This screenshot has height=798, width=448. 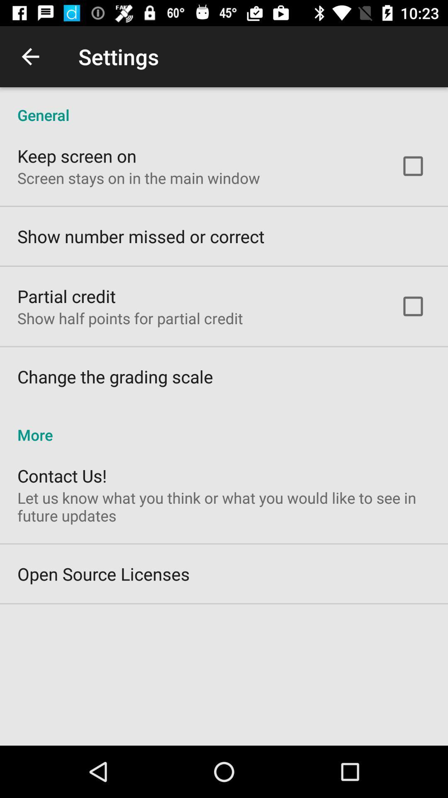 What do you see at coordinates (130, 318) in the screenshot?
I see `the item below the partial credit icon` at bounding box center [130, 318].